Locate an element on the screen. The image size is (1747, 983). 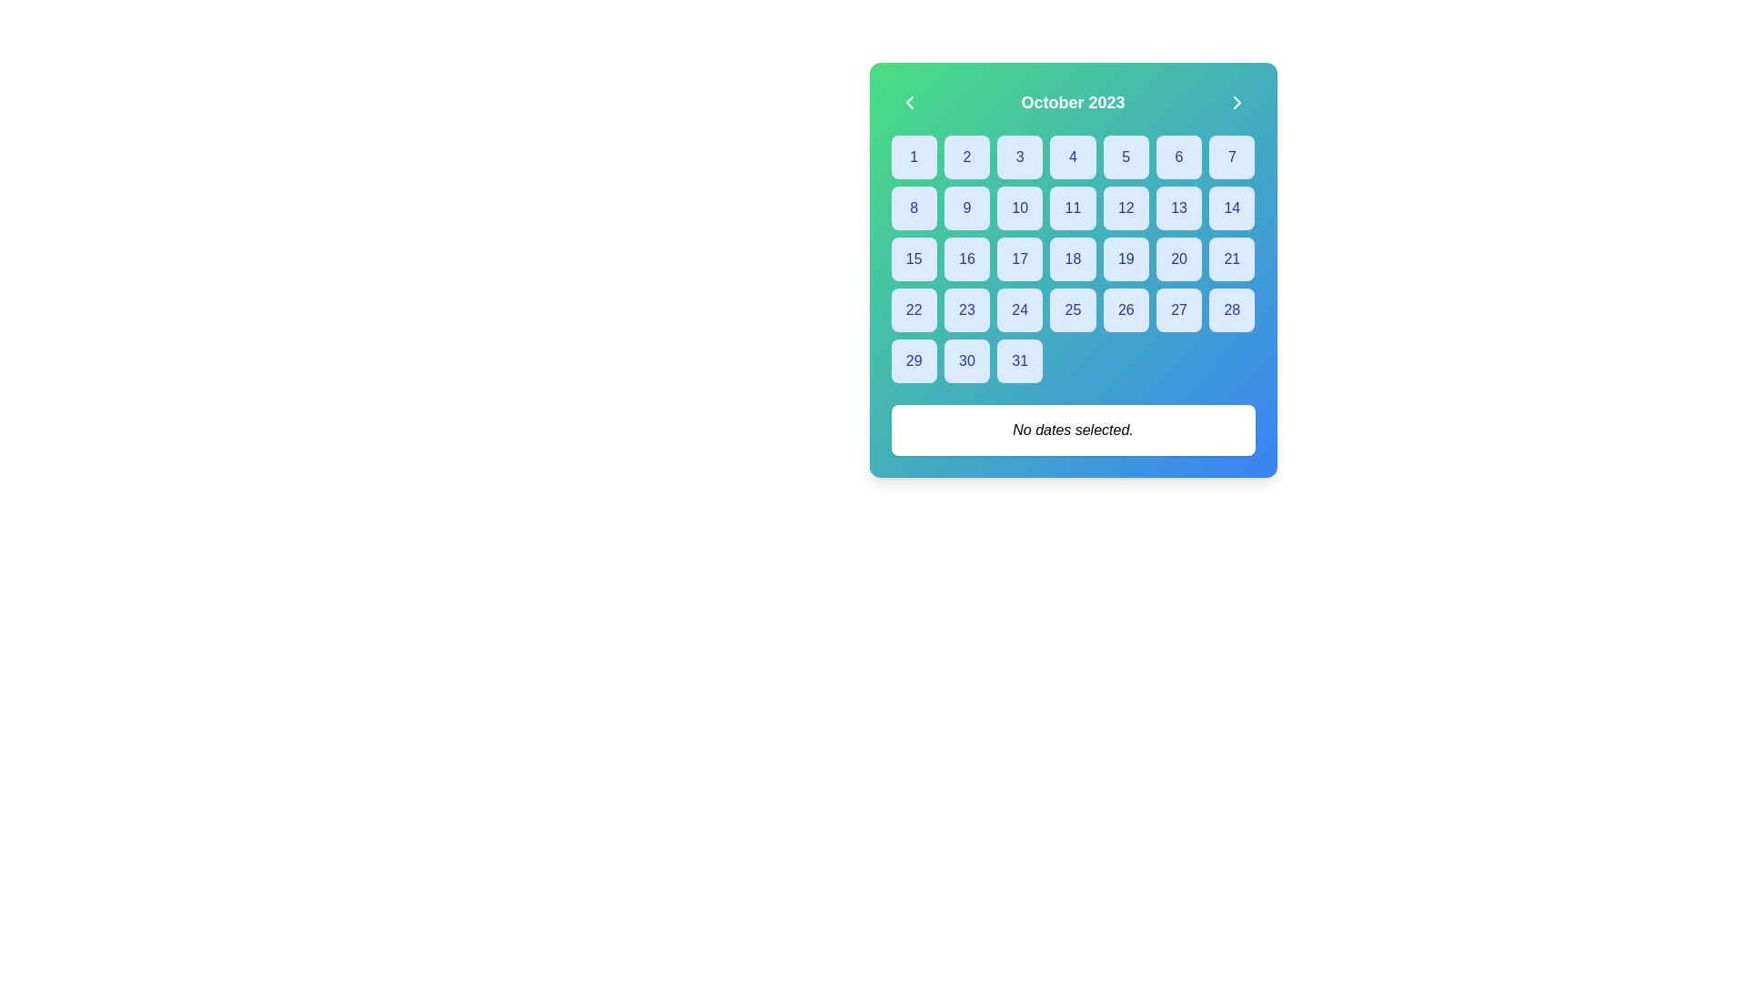
the left-facing chevron icon with a white outline against a green circular background located in the top-left corner of the calendar header is located at coordinates (909, 102).